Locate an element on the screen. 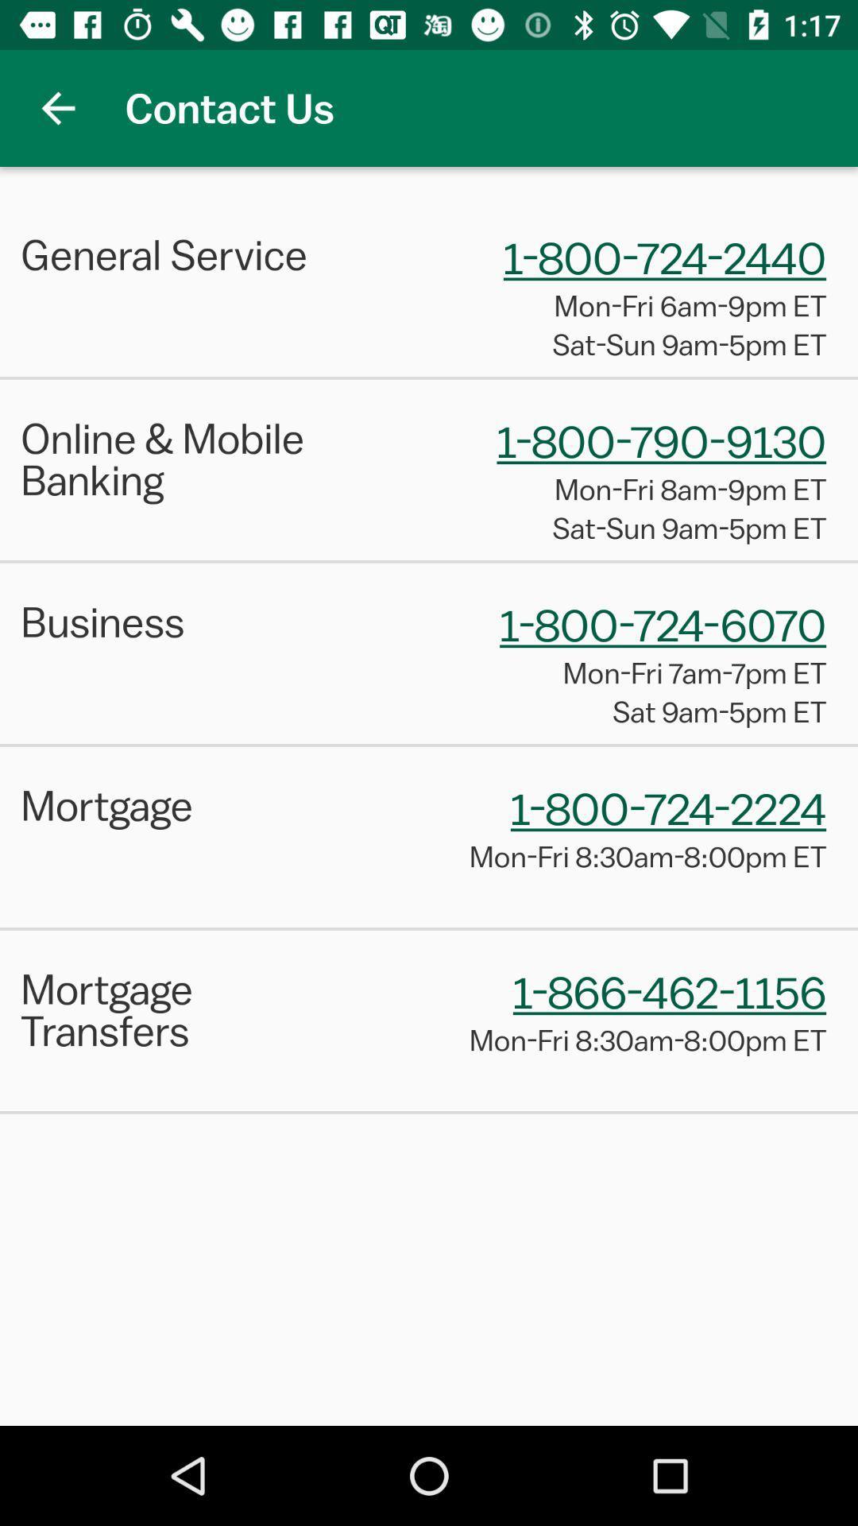 Image resolution: width=858 pixels, height=1526 pixels. the item above the business icon is located at coordinates (429, 561).